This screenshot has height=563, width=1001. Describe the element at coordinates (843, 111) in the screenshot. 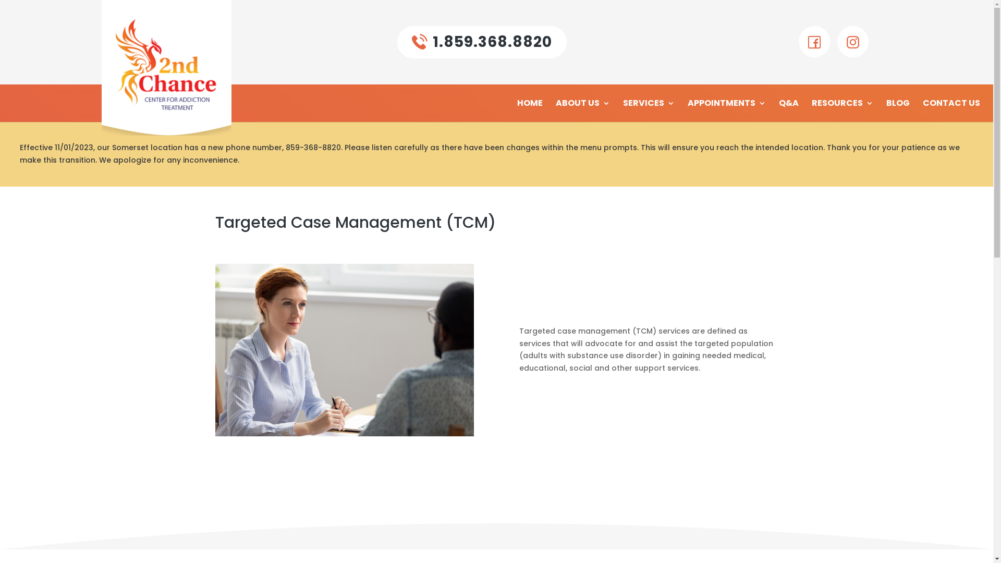

I see `'RESOURCES'` at that location.